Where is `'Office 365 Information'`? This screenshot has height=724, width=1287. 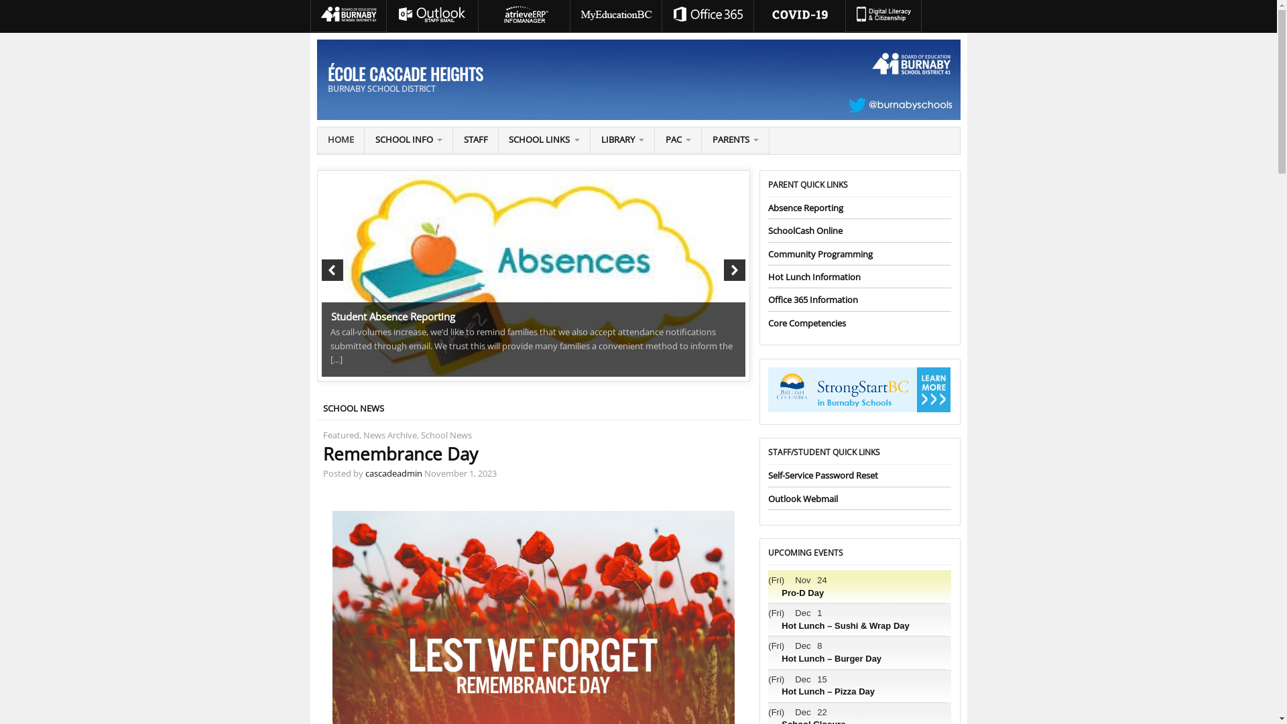 'Office 365 Information' is located at coordinates (812, 299).